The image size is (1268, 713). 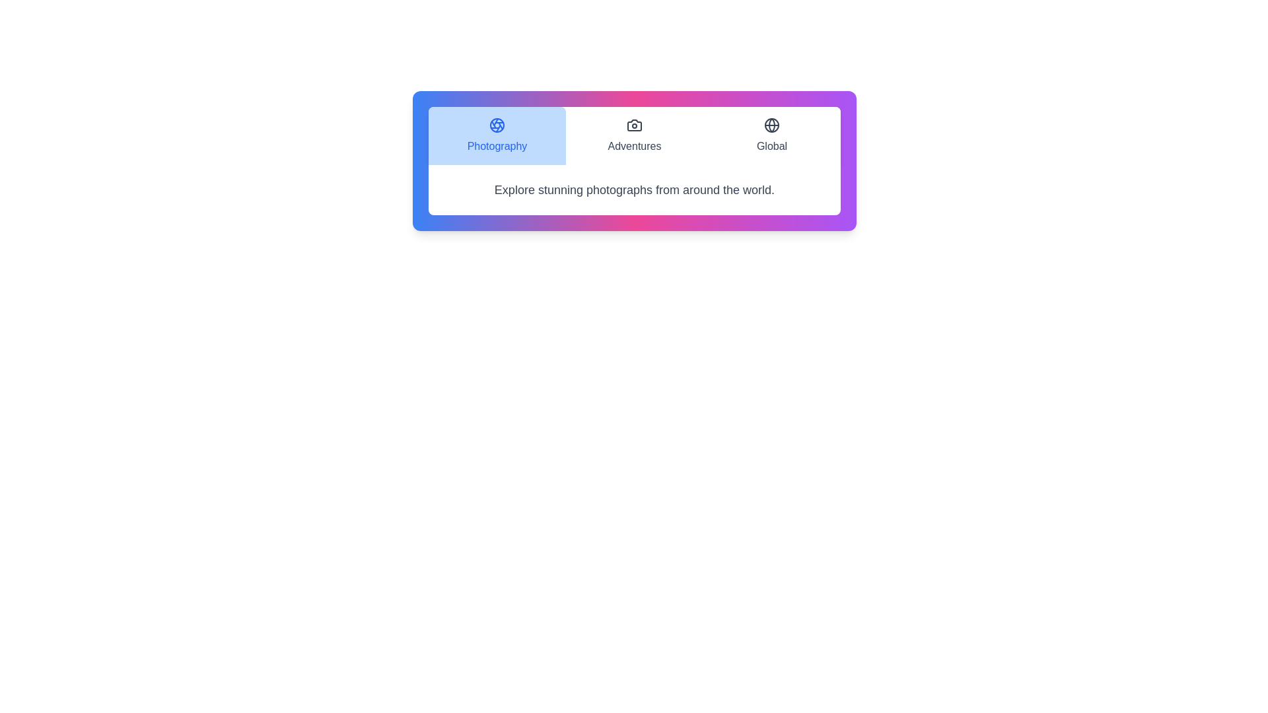 What do you see at coordinates (634, 125) in the screenshot?
I see `the camera icon outlined within a circle in the 'Adventures' section of the horizontal menu` at bounding box center [634, 125].